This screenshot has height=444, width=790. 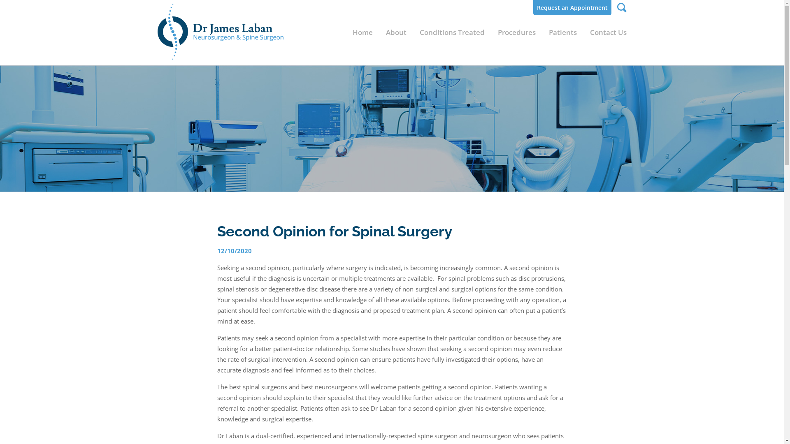 I want to click on 'About', so click(x=396, y=32).